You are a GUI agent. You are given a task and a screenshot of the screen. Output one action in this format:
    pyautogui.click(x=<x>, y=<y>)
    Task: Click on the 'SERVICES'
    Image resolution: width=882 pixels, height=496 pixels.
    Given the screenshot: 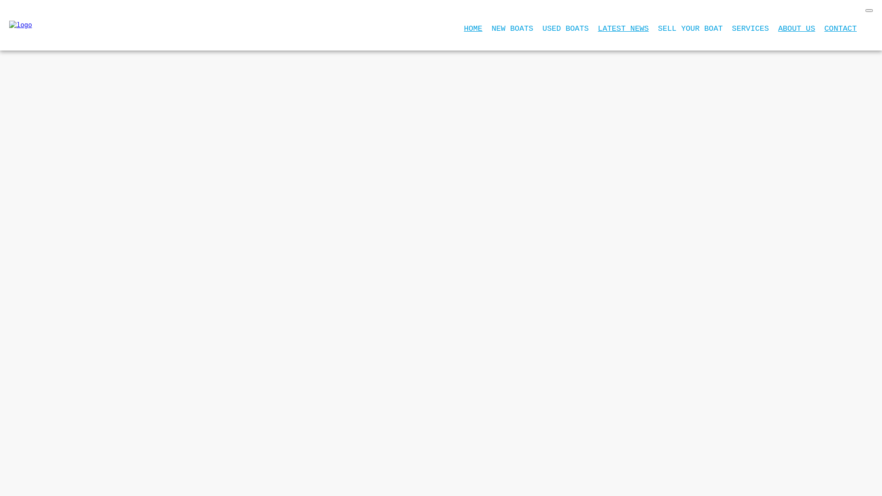 What is the action you would take?
    pyautogui.click(x=750, y=28)
    